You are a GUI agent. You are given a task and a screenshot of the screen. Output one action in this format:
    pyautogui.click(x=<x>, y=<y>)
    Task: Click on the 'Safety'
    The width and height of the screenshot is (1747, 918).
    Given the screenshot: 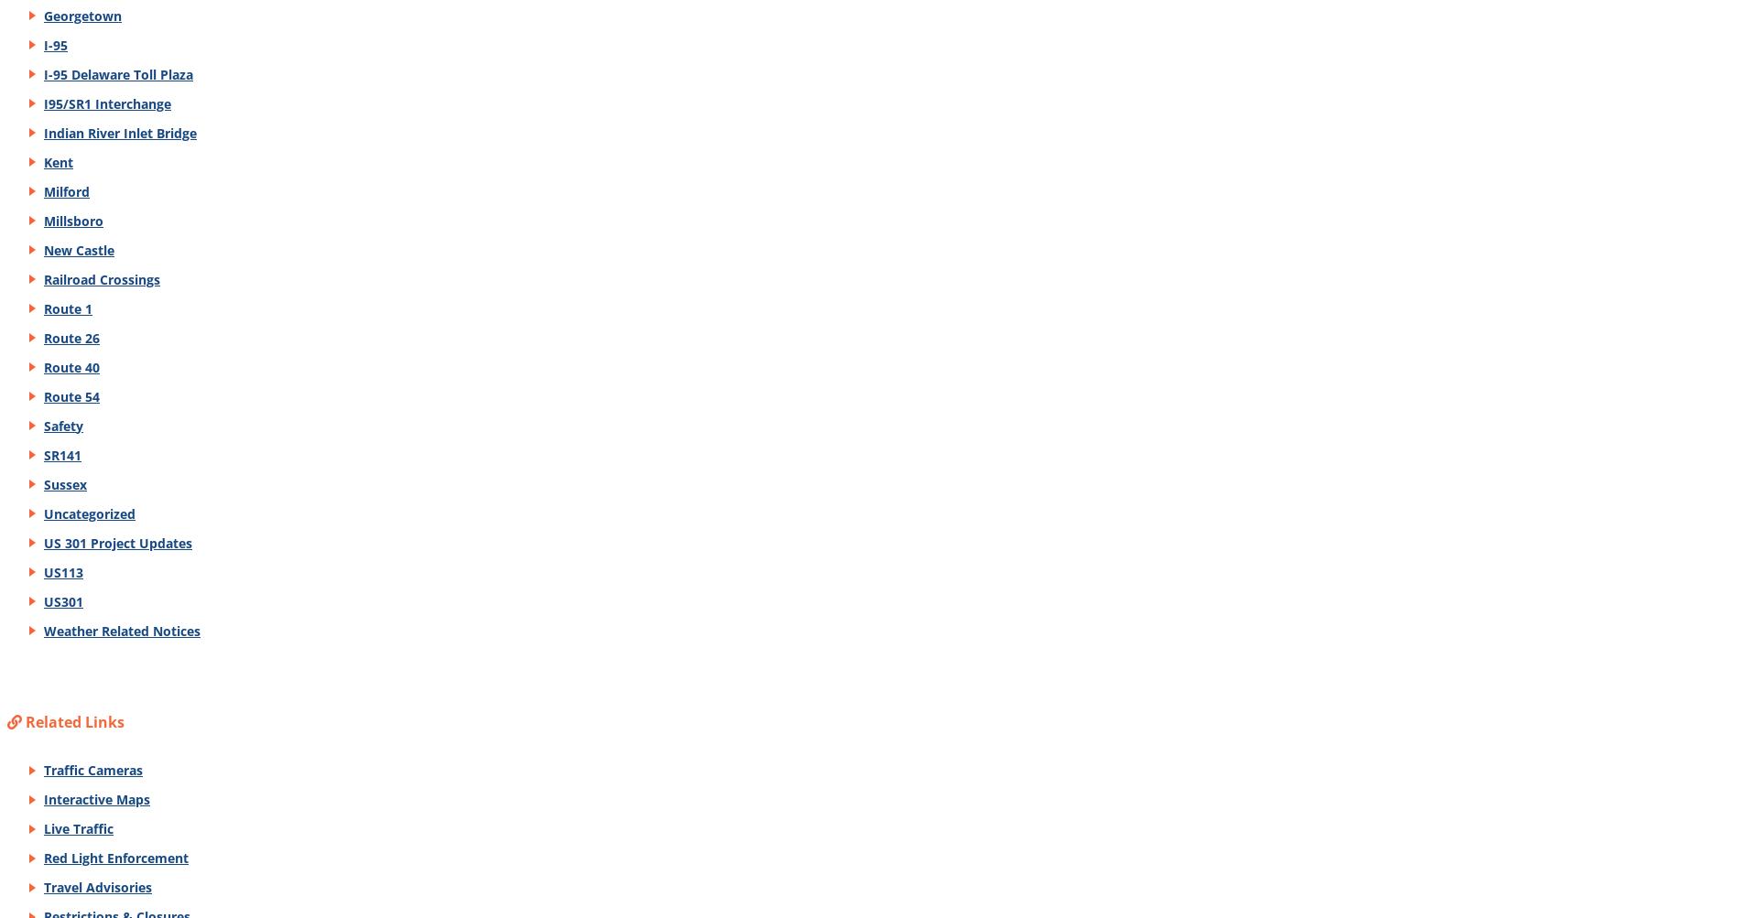 What is the action you would take?
    pyautogui.click(x=62, y=425)
    